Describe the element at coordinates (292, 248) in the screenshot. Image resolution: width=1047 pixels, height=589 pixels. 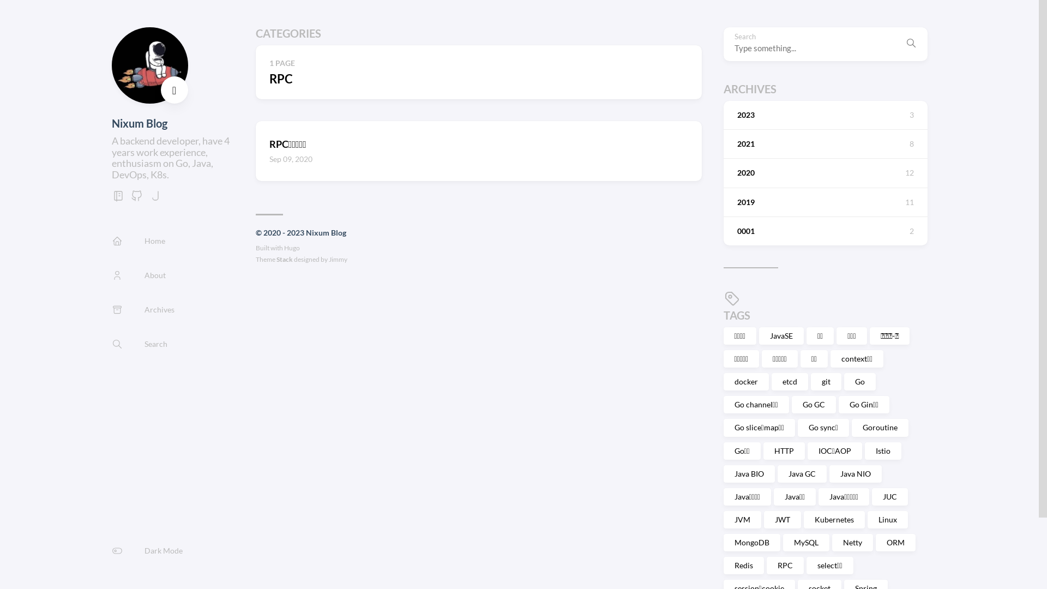
I see `'Hugo'` at that location.